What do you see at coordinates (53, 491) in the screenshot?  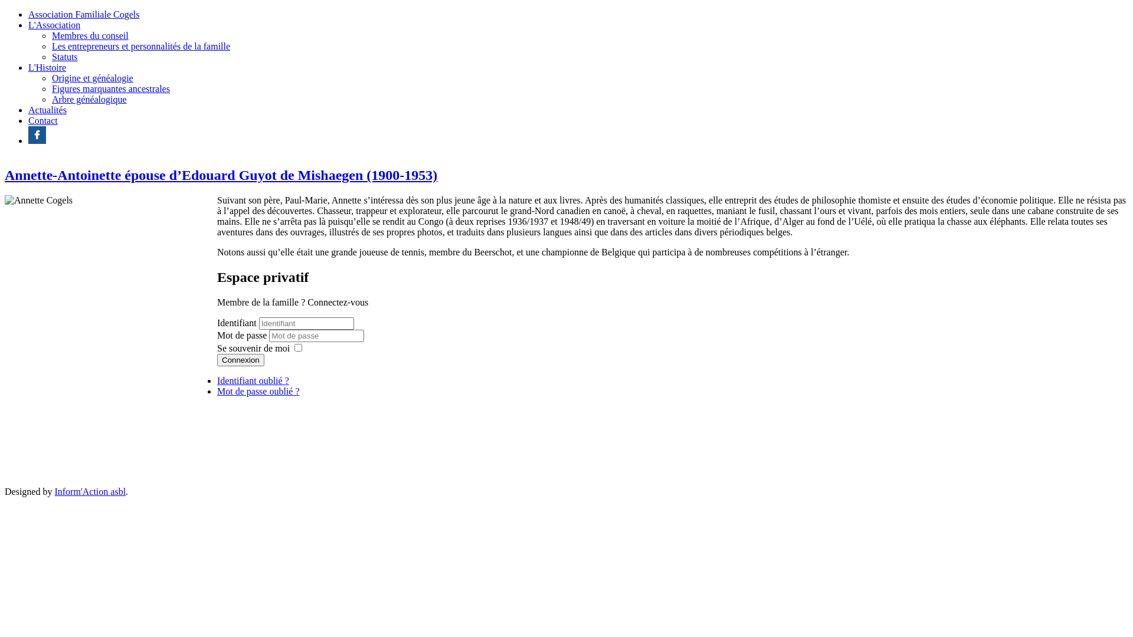 I see `'Inform'Action asbl'` at bounding box center [53, 491].